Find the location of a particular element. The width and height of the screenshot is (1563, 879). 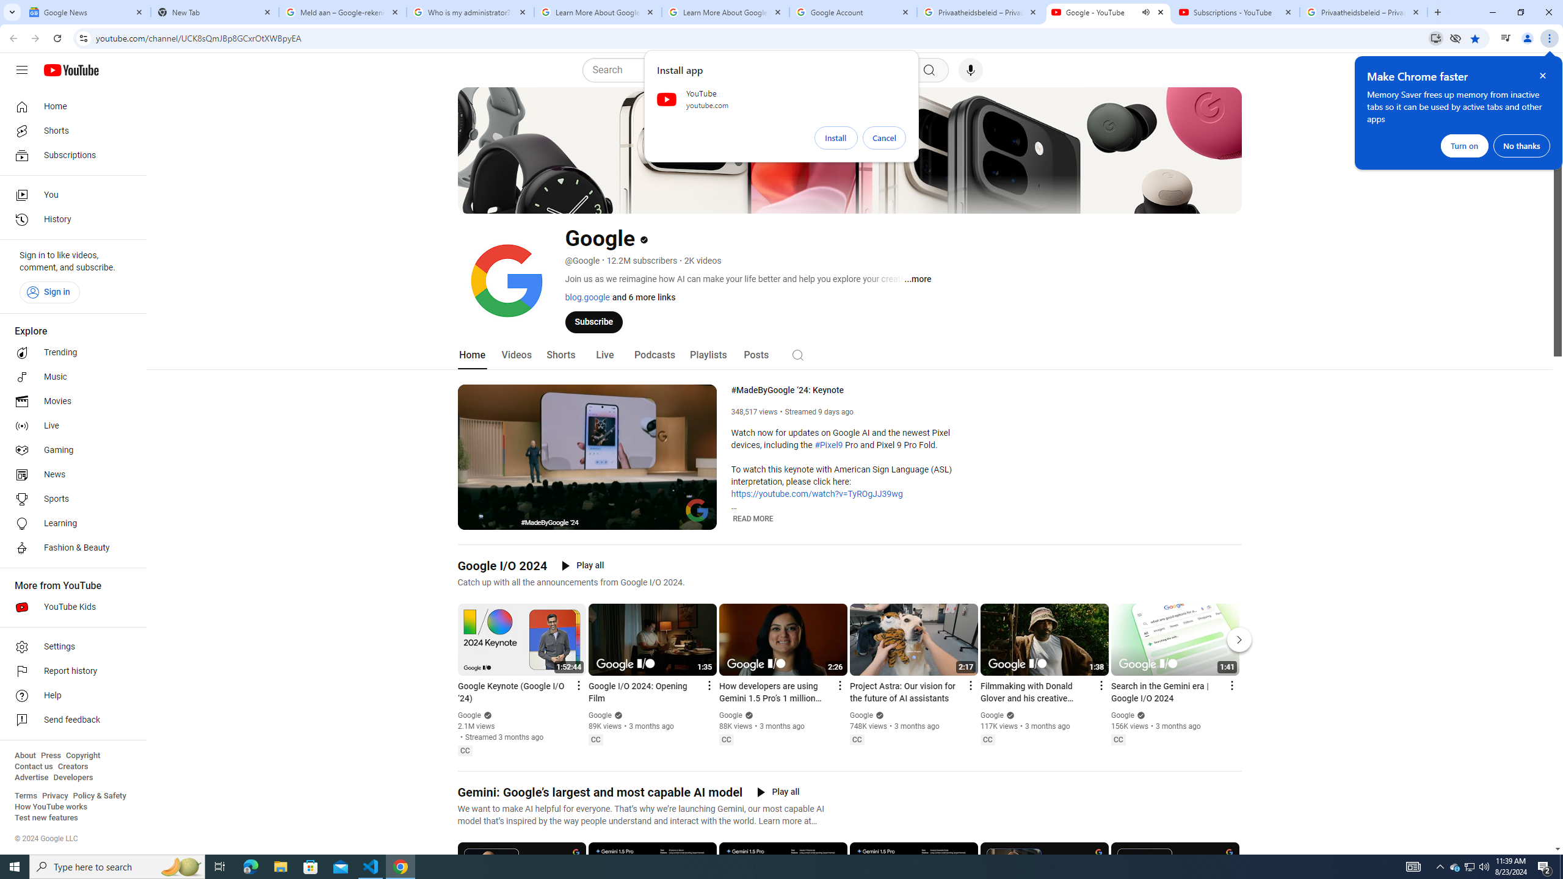

'Advertise' is located at coordinates (31, 776).